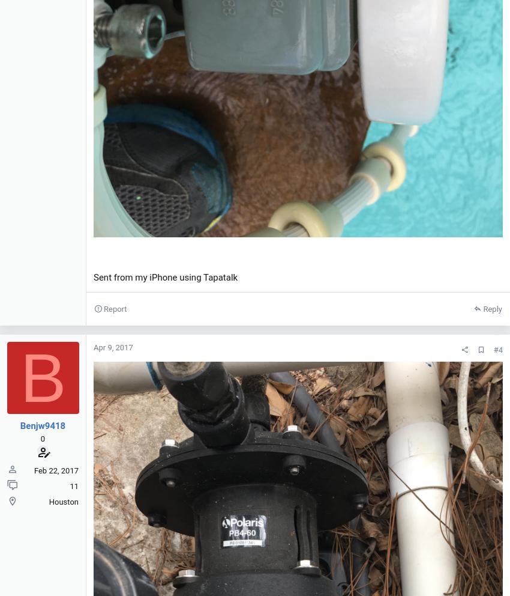  What do you see at coordinates (498, 348) in the screenshot?
I see `'#4'` at bounding box center [498, 348].